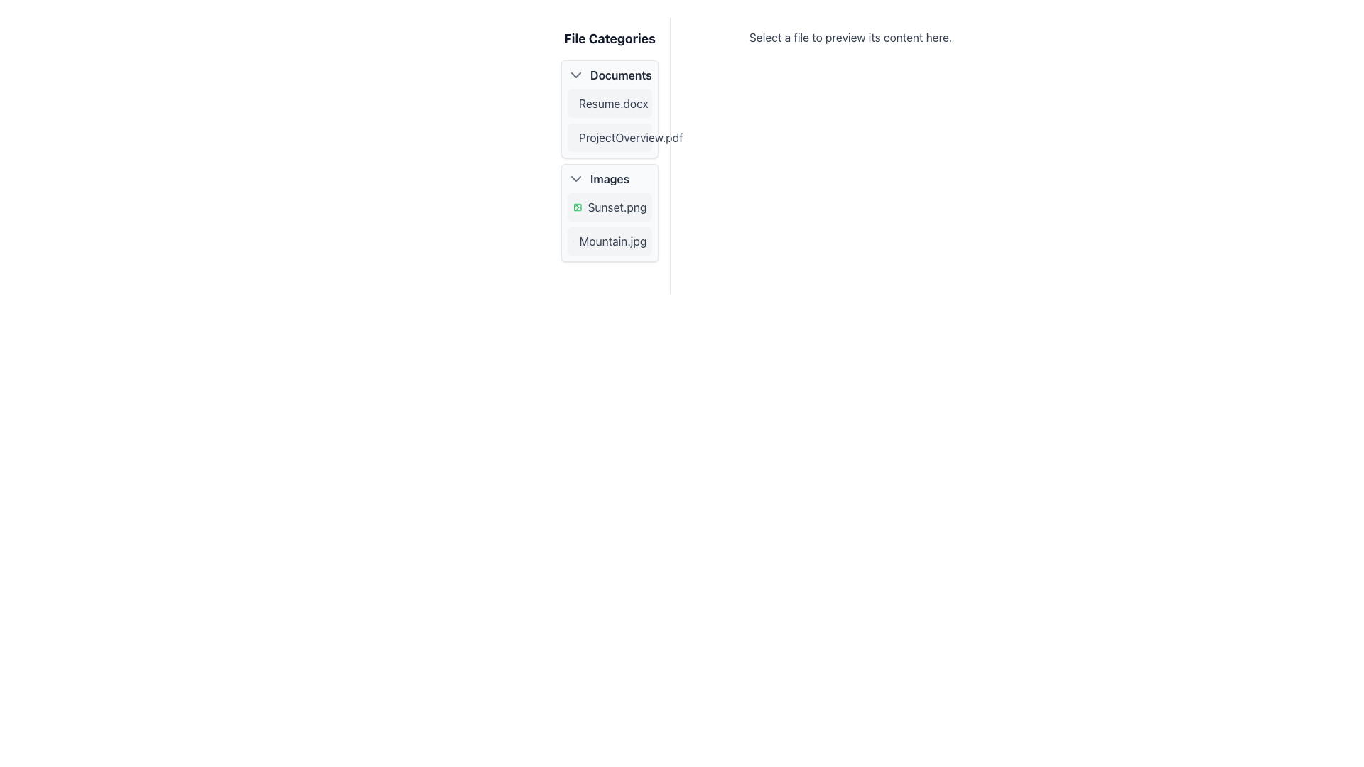  I want to click on the icon representing the 'Sunset.png' file located to the left of the text 'Sunset.png' in the 'Images' category, so click(578, 207).